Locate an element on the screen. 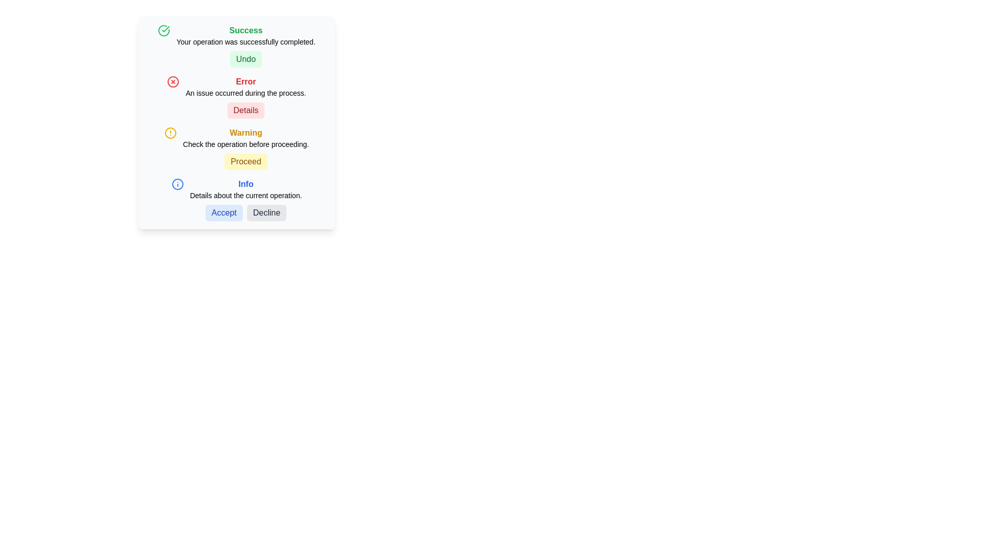 Image resolution: width=984 pixels, height=553 pixels. the warning message layout that includes an alert icon, a heading saying 'Warning', and a button labeled 'Proceed' is located at coordinates (236, 148).